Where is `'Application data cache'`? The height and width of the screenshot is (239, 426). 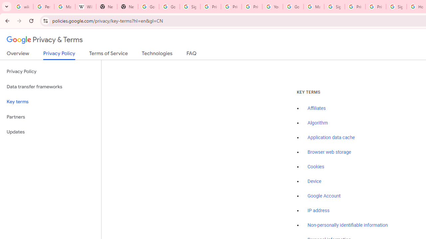 'Application data cache' is located at coordinates (331, 137).